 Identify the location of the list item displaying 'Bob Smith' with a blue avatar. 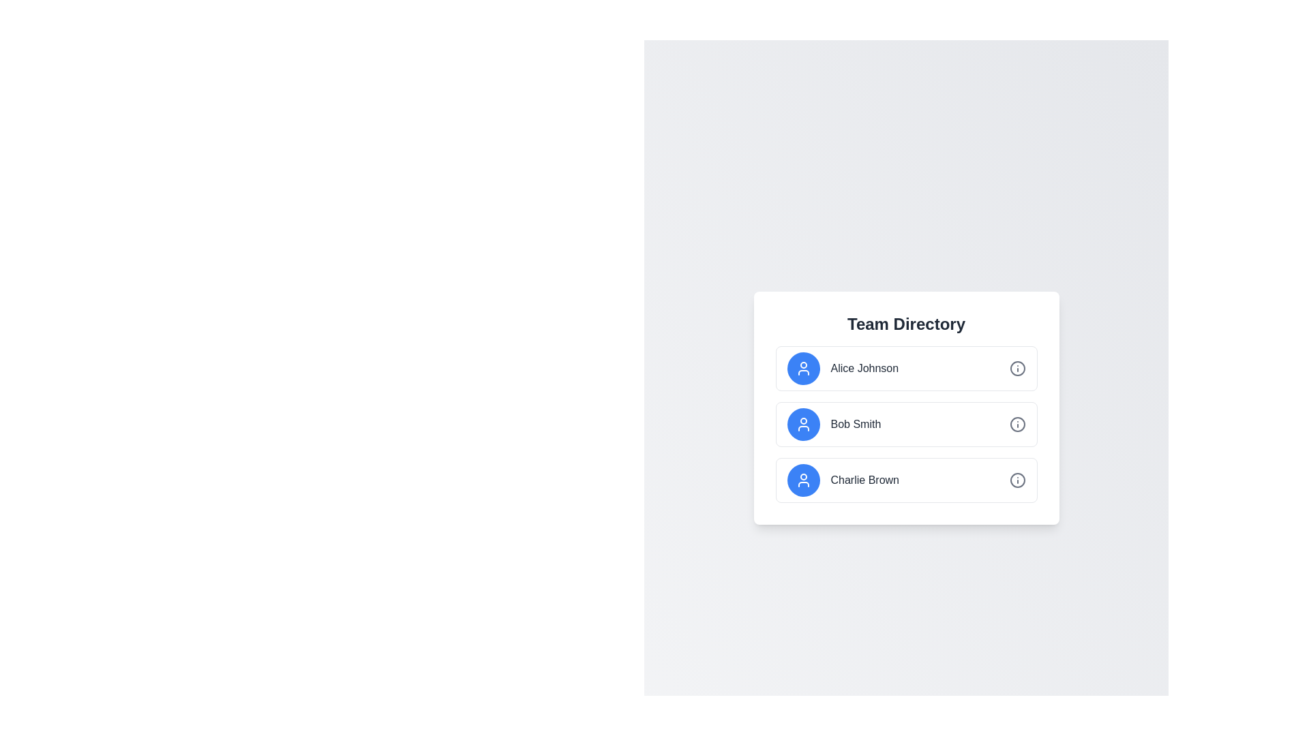
(833, 424).